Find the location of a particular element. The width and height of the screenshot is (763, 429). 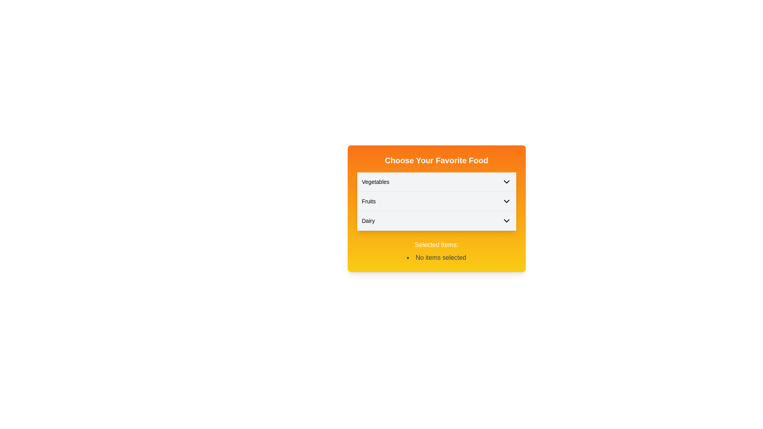

the downward-pointing chevron icon located to the far right of the 'Fruits' label is located at coordinates (506, 201).